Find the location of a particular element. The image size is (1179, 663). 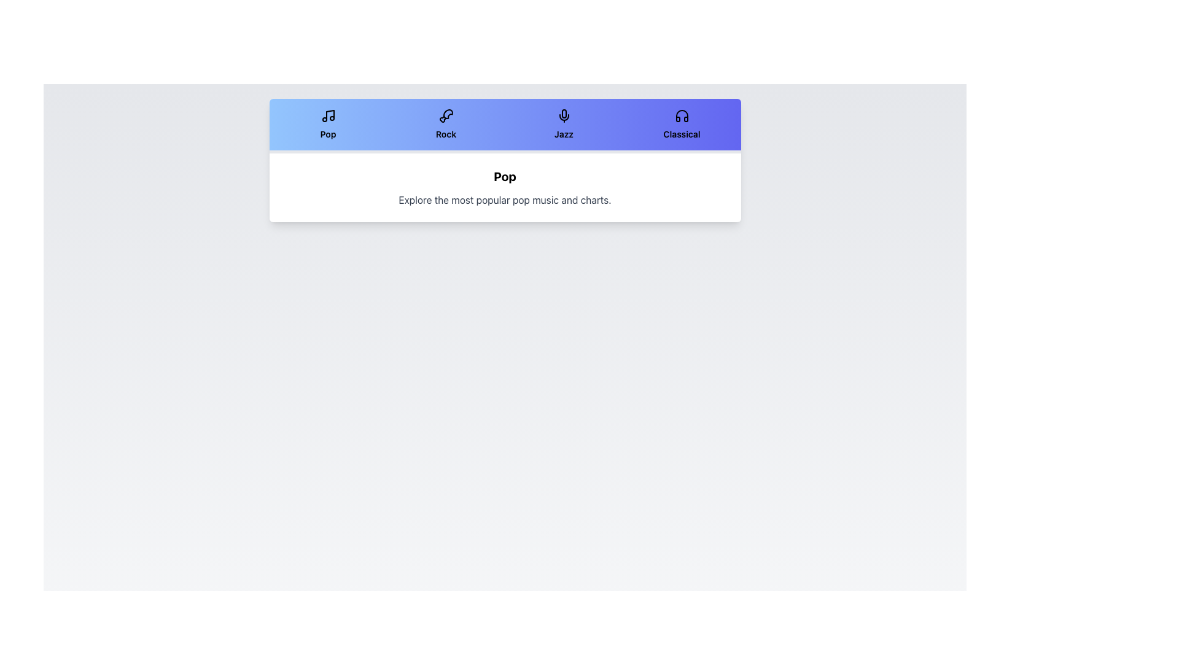

the 'Rock' music category label on the menu bar is located at coordinates (445, 134).